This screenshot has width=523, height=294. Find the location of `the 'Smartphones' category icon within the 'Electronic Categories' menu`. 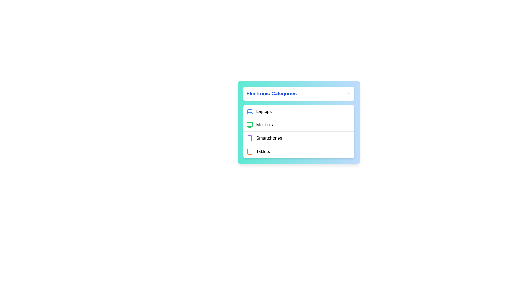

the 'Smartphones' category icon within the 'Electronic Categories' menu is located at coordinates (249, 138).